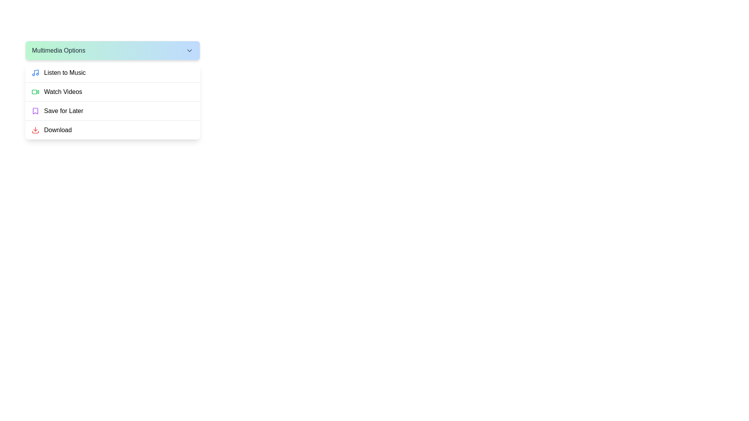 The height and width of the screenshot is (421, 749). I want to click on the downward-pointing chevron icon, which is gray and located at the end of the 'Multimedia Options' button, so click(189, 51).